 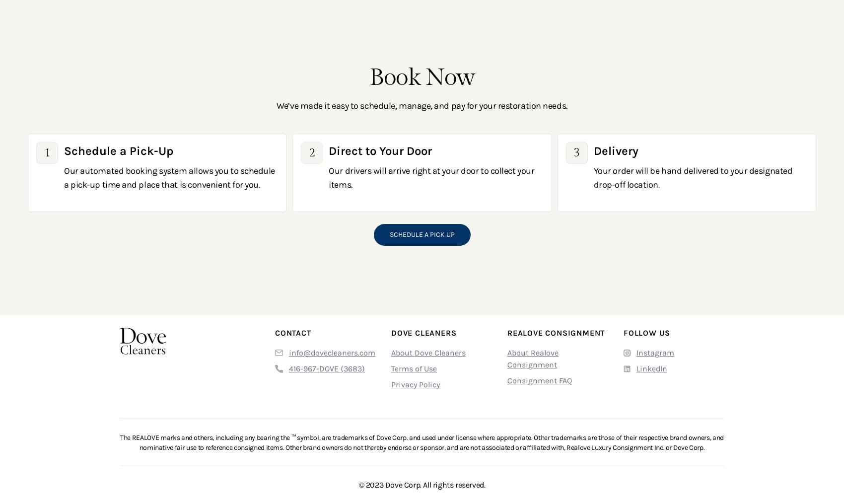 I want to click on 'Dove Cleaners', so click(x=423, y=332).